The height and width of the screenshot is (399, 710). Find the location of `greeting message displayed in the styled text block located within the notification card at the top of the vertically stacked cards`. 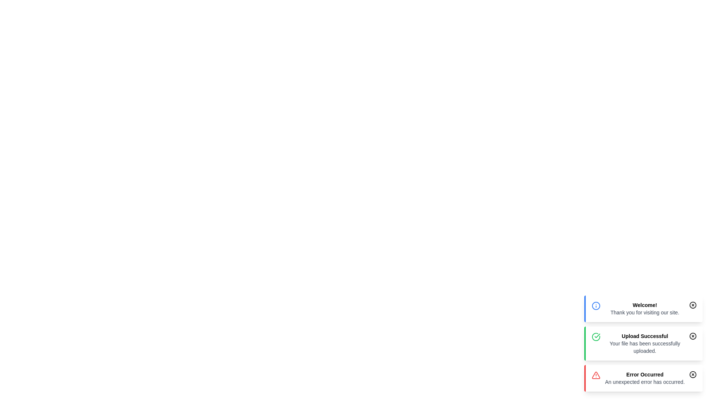

greeting message displayed in the styled text block located within the notification card at the top of the vertically stacked cards is located at coordinates (644, 309).